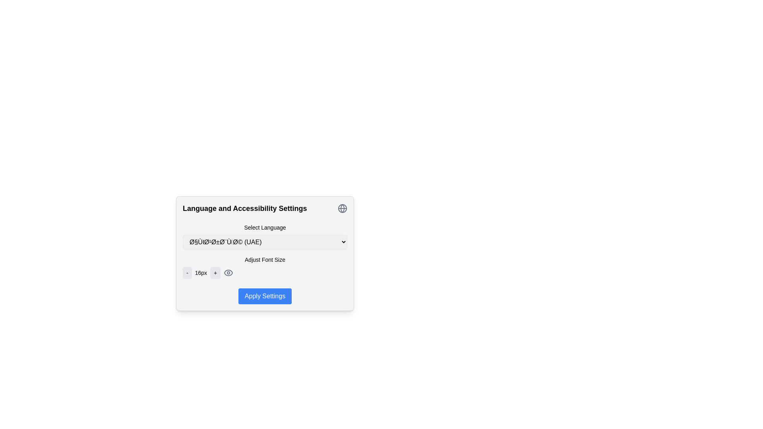 This screenshot has height=429, width=763. What do you see at coordinates (201, 272) in the screenshot?
I see `the static text label that displays the current font size, positioned between the '-' and '+' buttons` at bounding box center [201, 272].